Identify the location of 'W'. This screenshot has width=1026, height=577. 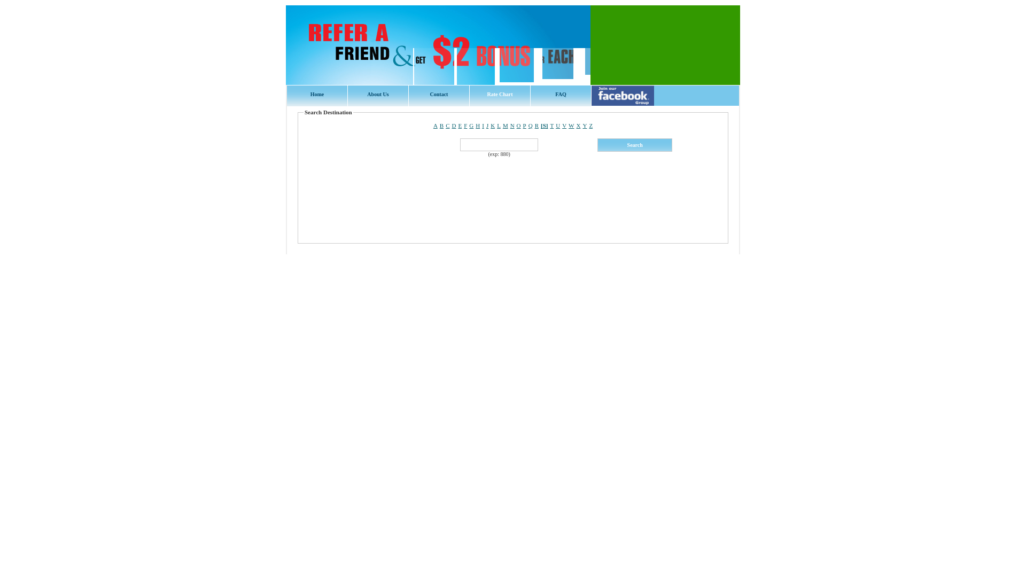
(571, 125).